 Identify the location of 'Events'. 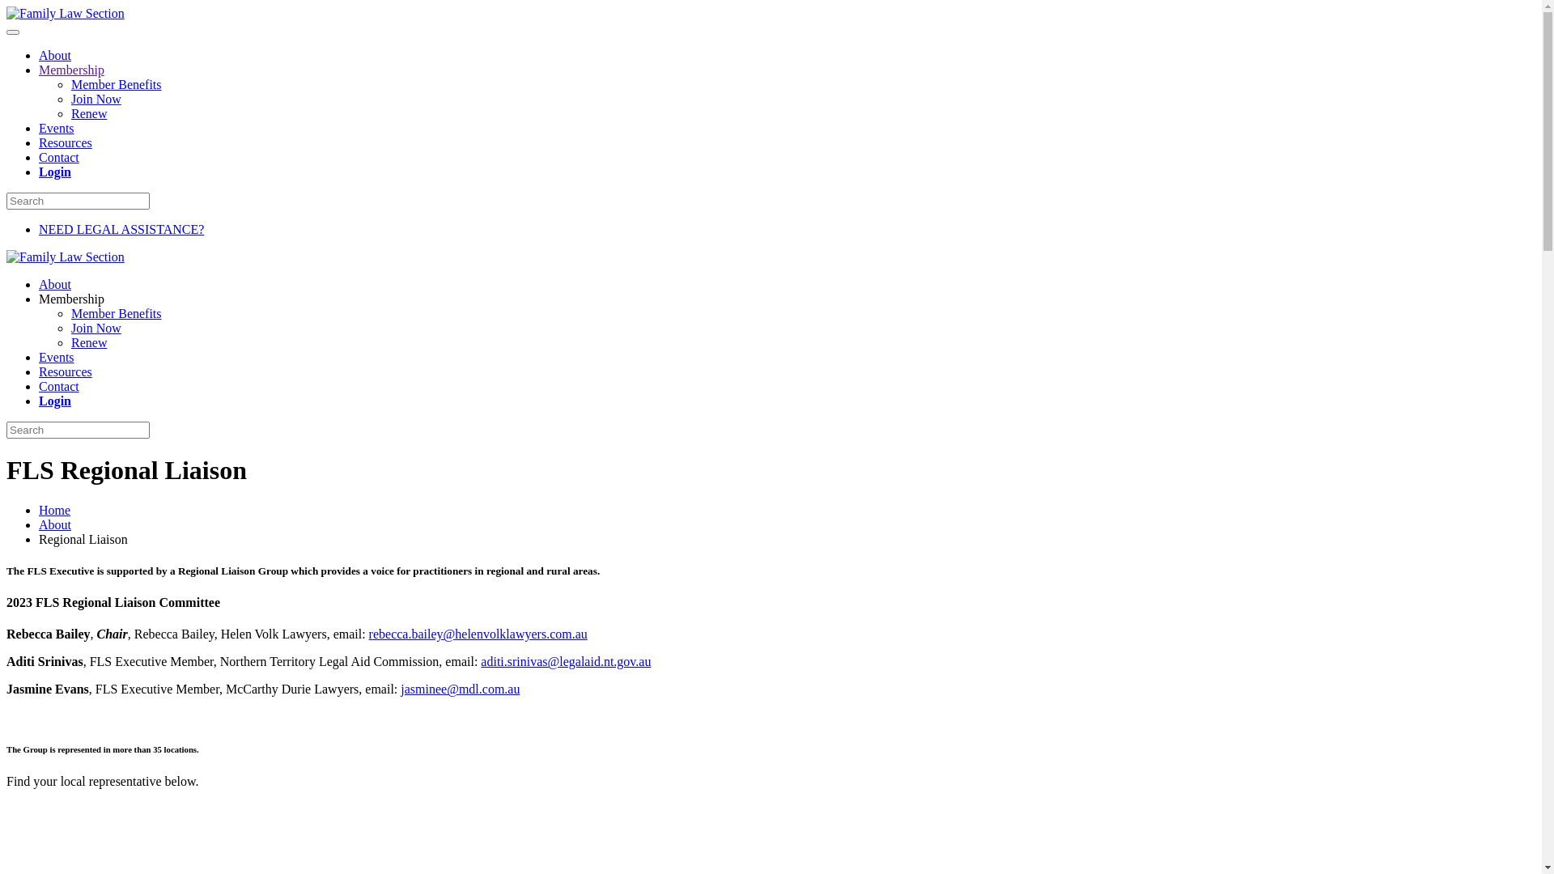
(57, 127).